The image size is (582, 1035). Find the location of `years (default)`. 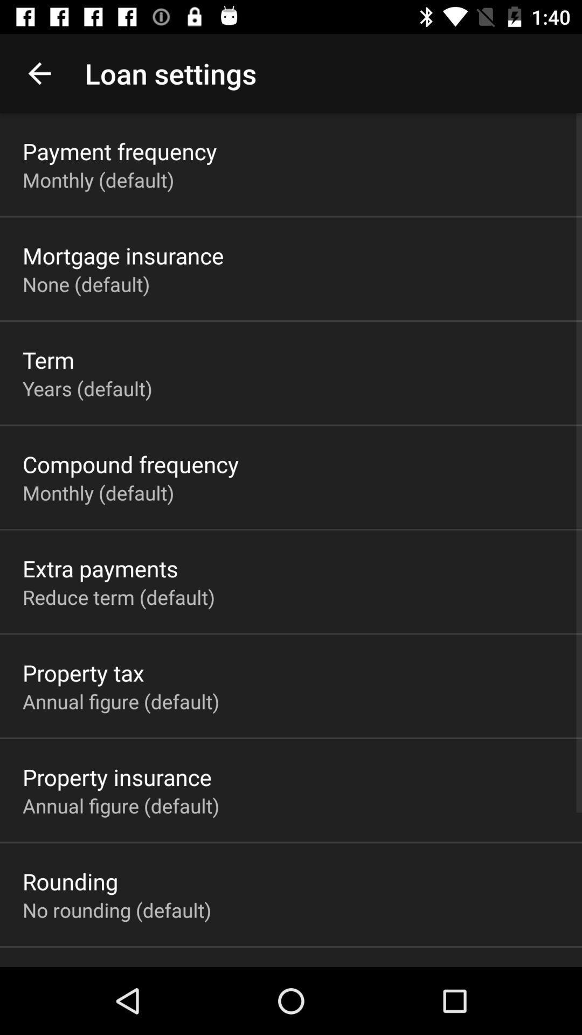

years (default) is located at coordinates (87, 388).